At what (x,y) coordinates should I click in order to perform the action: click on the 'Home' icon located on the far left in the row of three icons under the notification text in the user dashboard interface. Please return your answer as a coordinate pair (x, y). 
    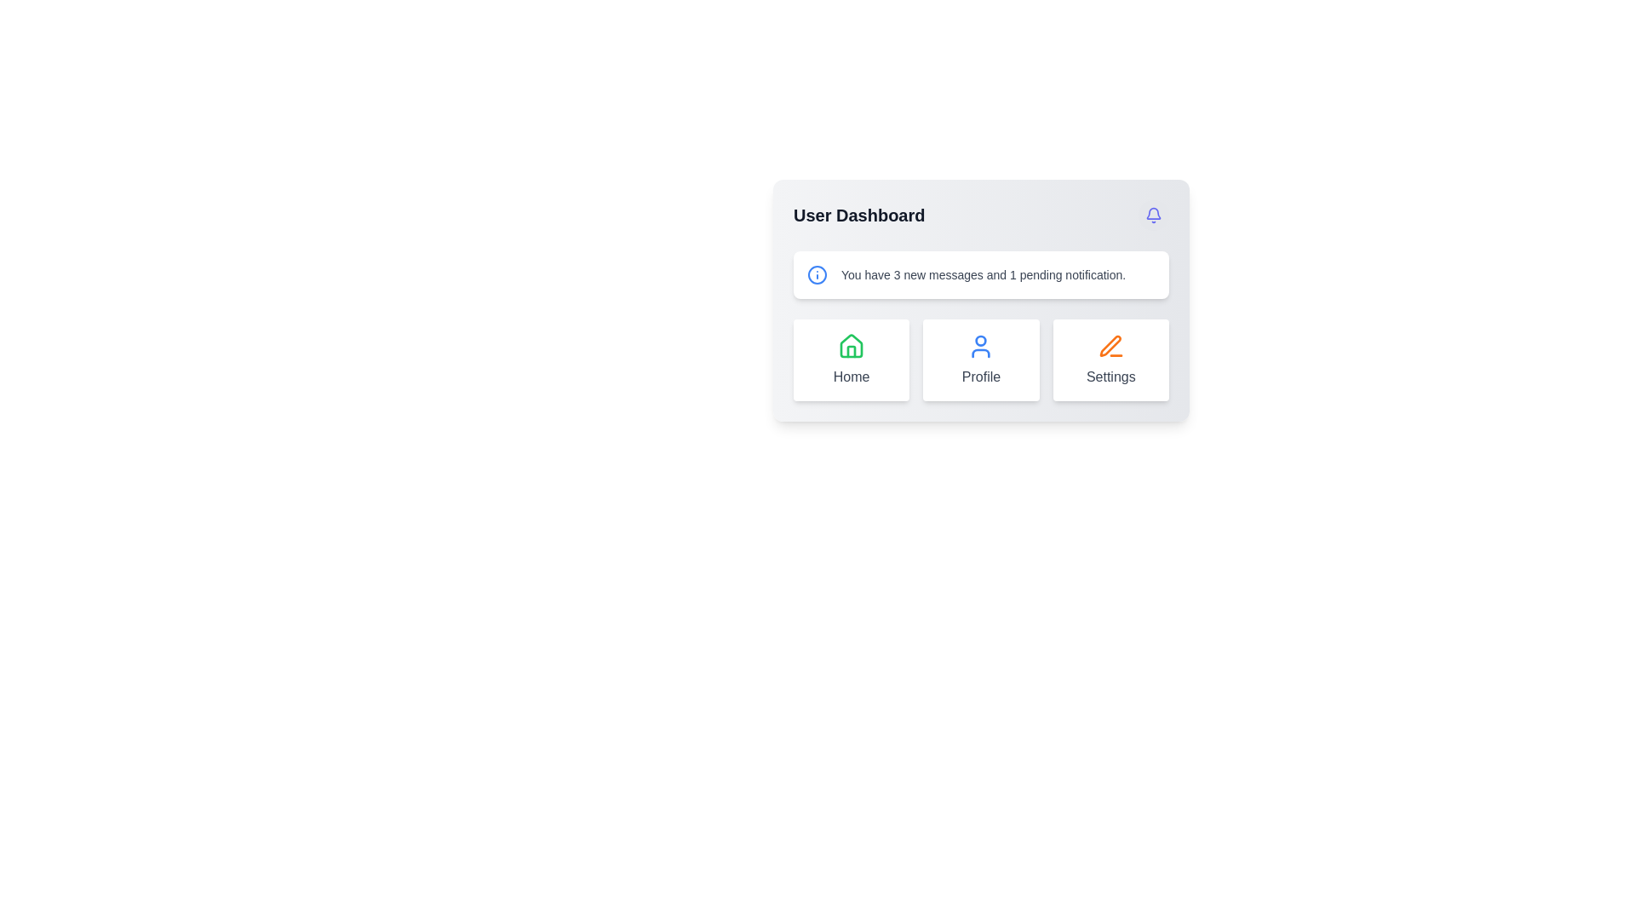
    Looking at the image, I should click on (851, 345).